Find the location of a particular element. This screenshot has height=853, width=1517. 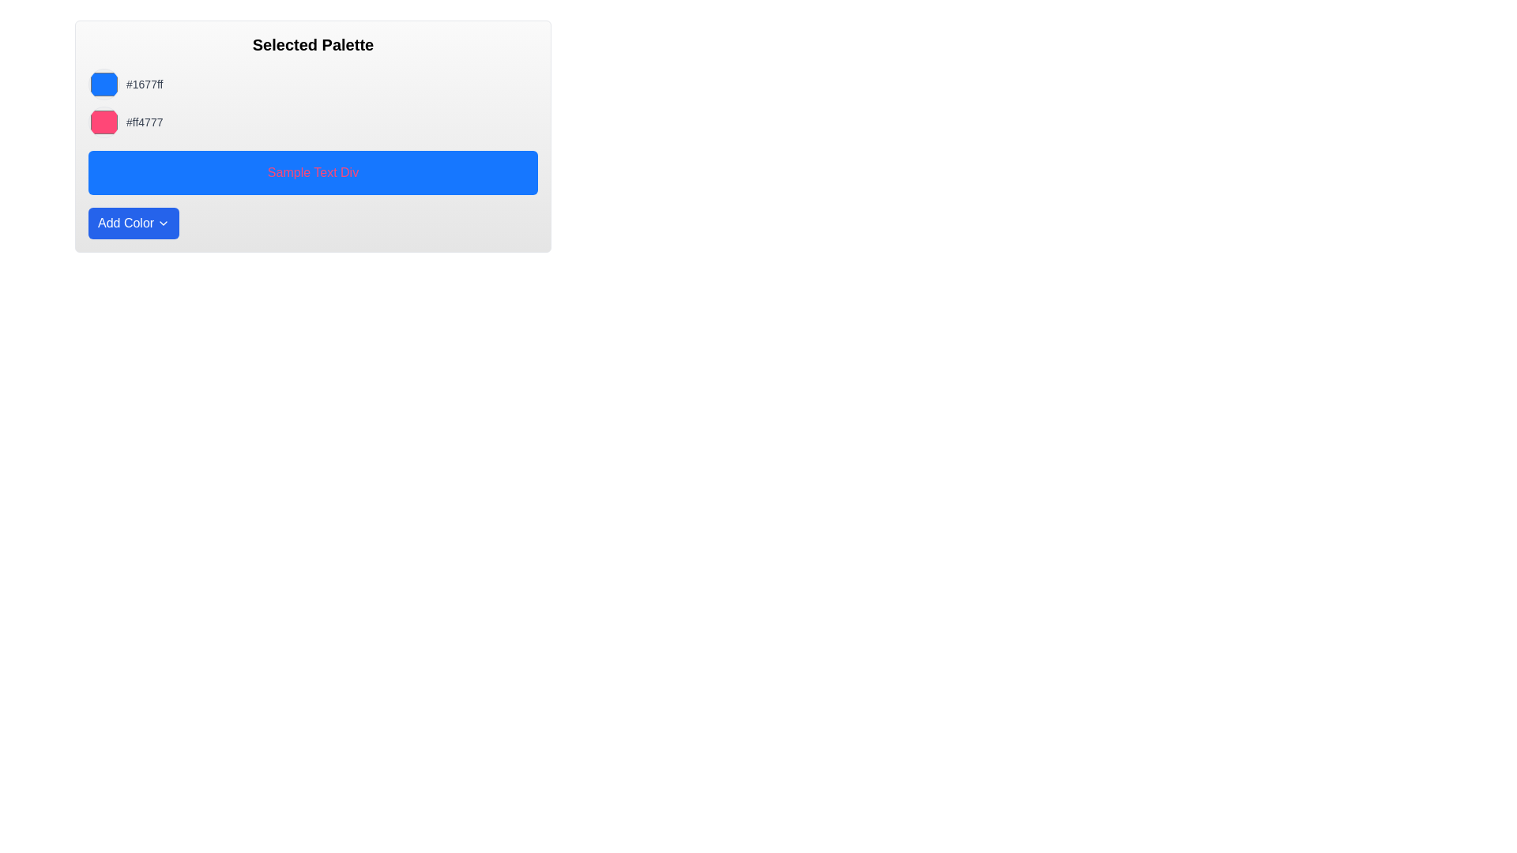

text content from the rectangular div with rounded corners, bright blue background, and vibrant pink text that displays 'Sample Text Div', located in the 'Selected Palette' section is located at coordinates (313, 173).